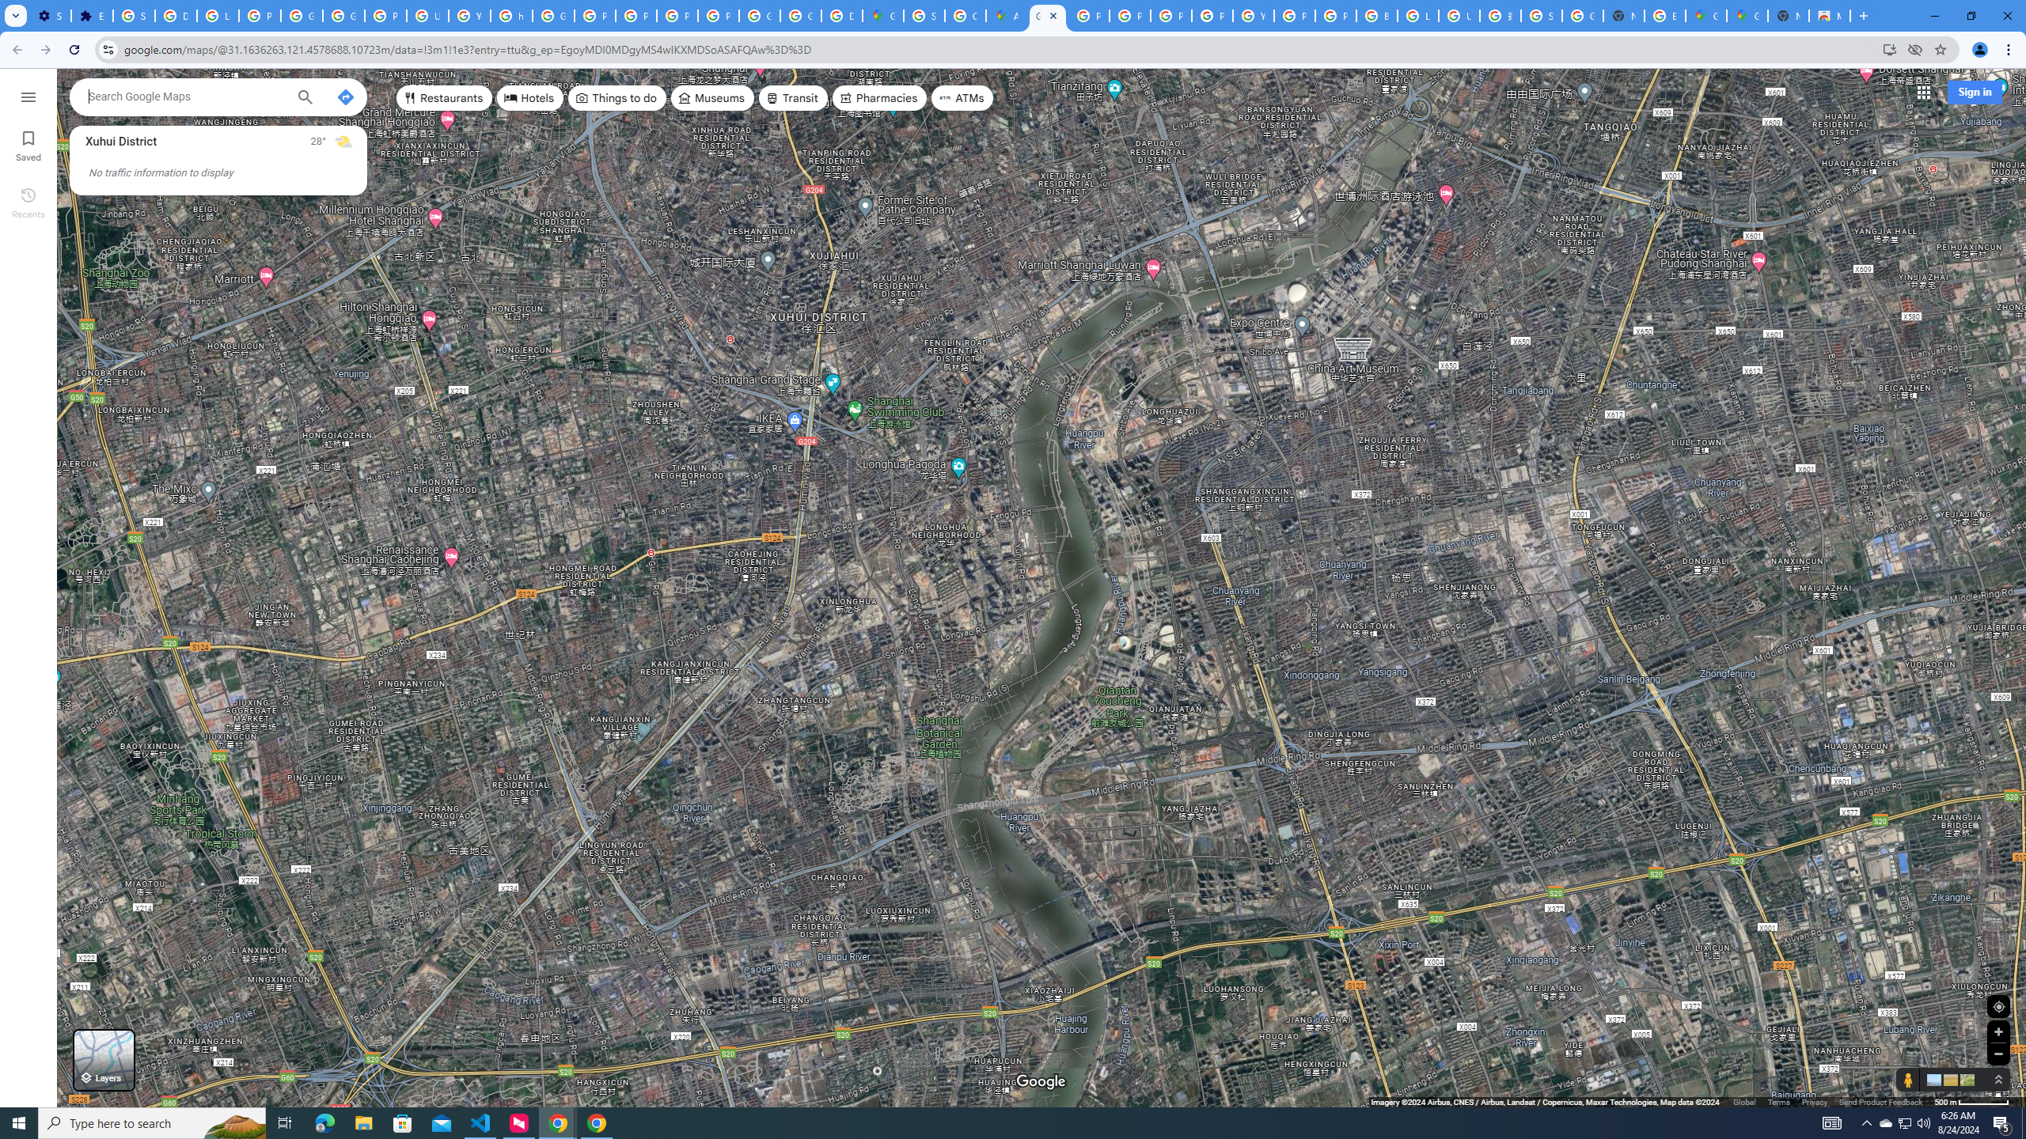  Describe the element at coordinates (27, 145) in the screenshot. I see `'Saved'` at that location.